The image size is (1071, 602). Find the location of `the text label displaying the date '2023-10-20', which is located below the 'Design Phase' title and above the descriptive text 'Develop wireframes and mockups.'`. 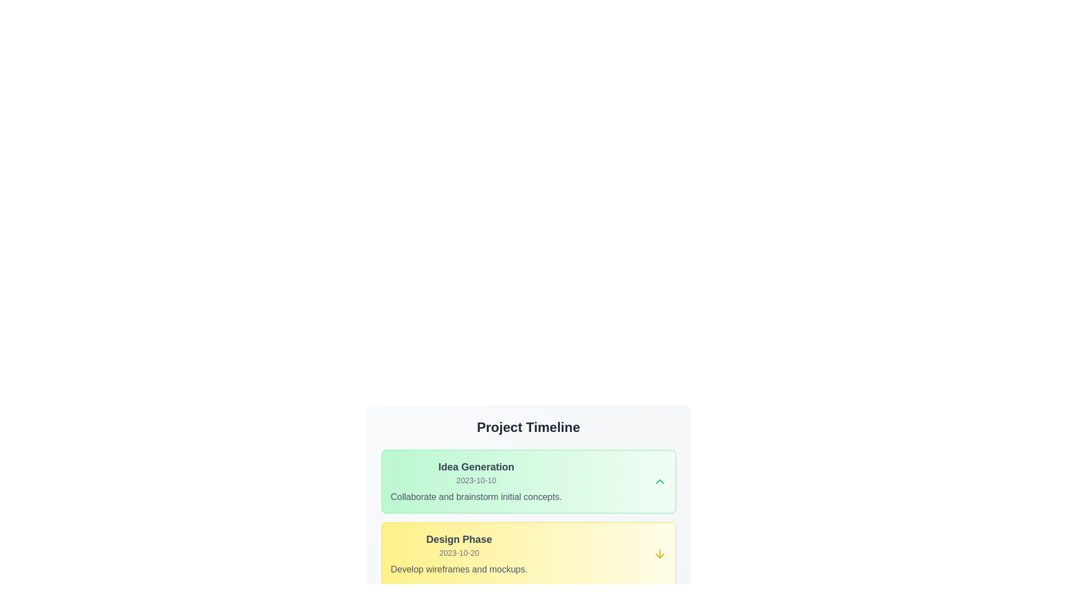

the text label displaying the date '2023-10-20', which is located below the 'Design Phase' title and above the descriptive text 'Develop wireframes and mockups.' is located at coordinates (459, 552).